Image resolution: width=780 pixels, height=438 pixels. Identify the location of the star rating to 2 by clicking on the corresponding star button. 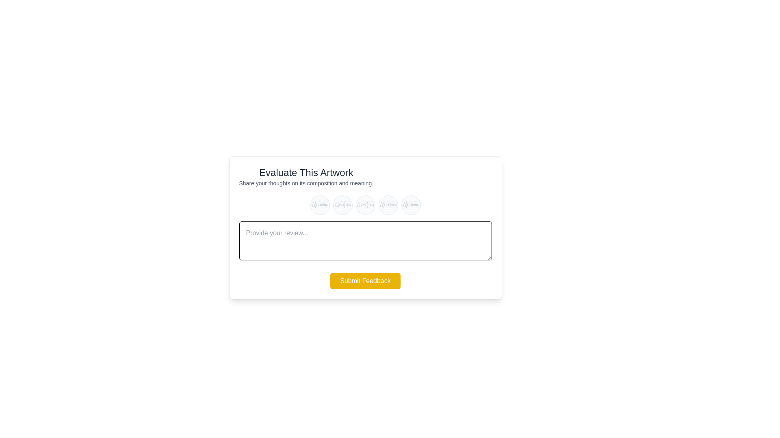
(342, 204).